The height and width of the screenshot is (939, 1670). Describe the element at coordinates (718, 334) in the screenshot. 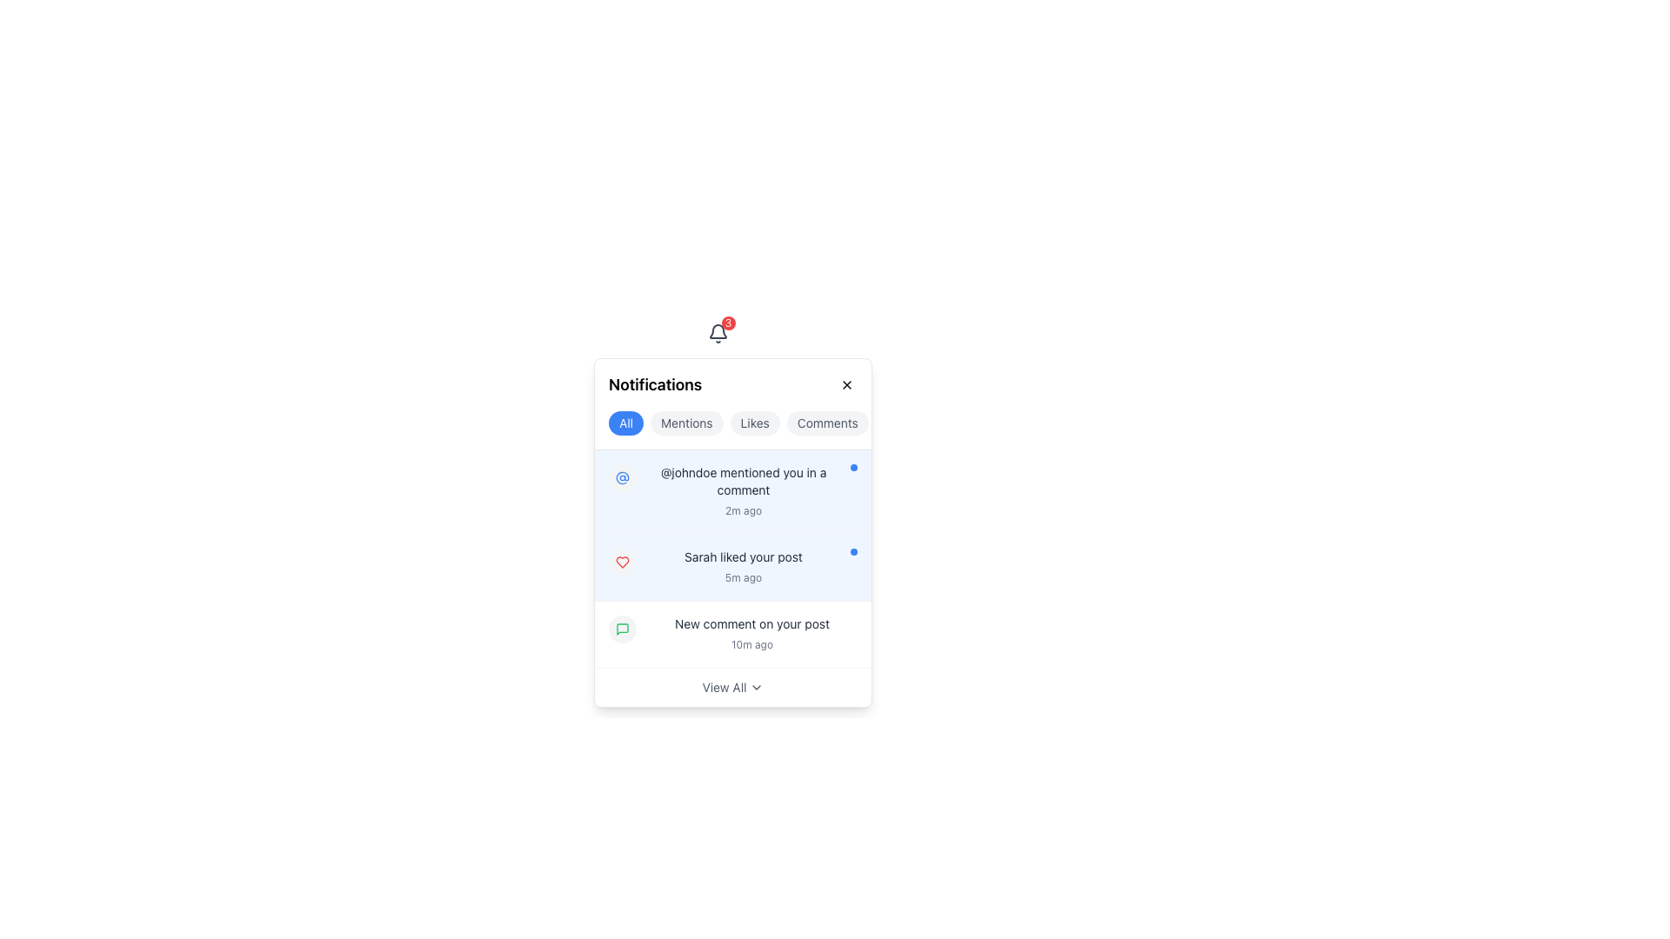

I see `the Interactive Icon with Notification Badge featuring a bell icon and a red badge with the number '3'` at that location.